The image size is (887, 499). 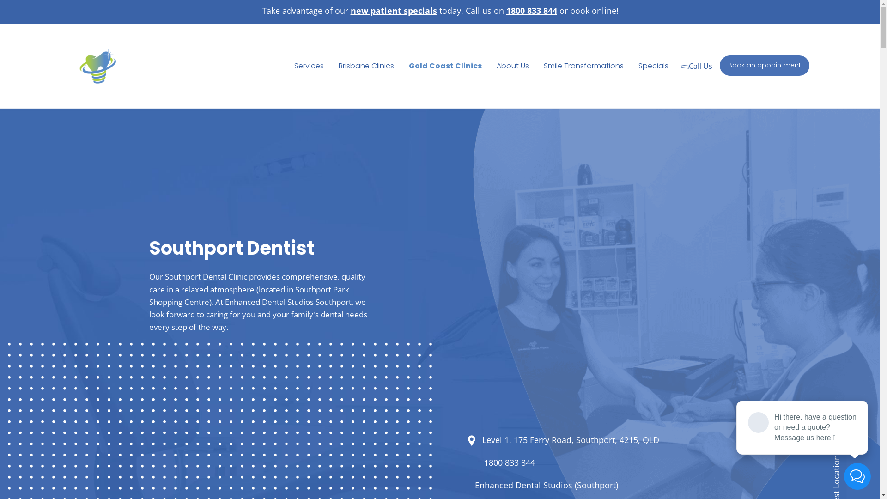 I want to click on 'Take advantage of our new patient specials today.', so click(x=261, y=11).